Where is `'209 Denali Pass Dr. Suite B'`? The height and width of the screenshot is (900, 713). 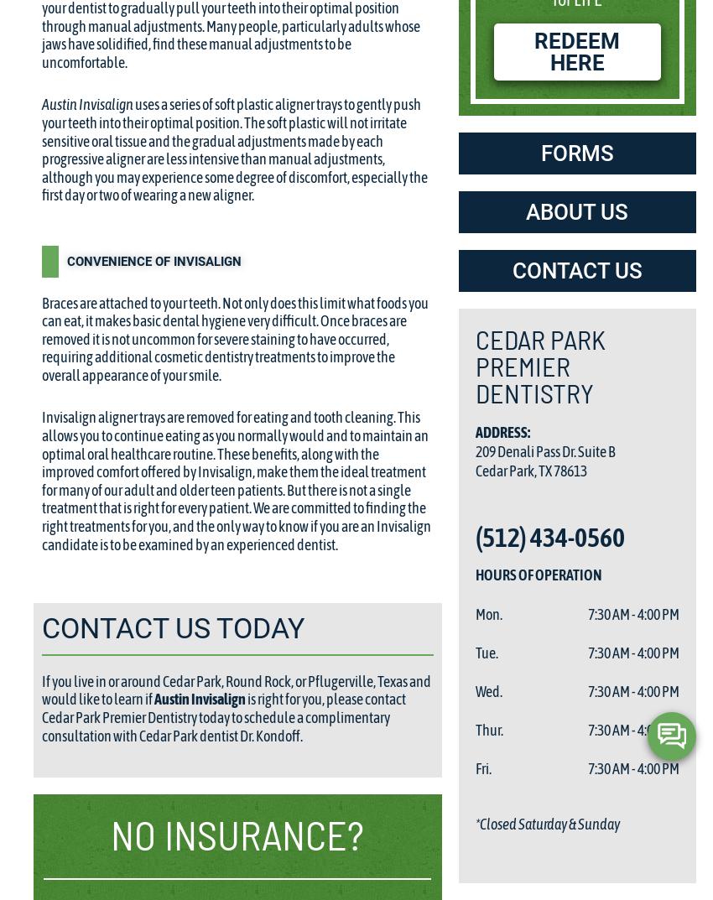
'209 Denali Pass Dr. Suite B' is located at coordinates (475, 450).